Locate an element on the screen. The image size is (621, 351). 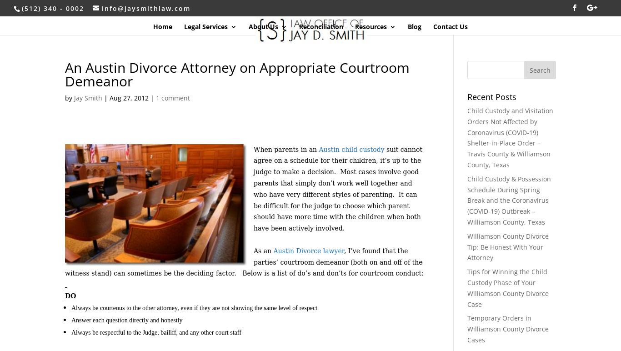
'Payments' is located at coordinates (388, 108).